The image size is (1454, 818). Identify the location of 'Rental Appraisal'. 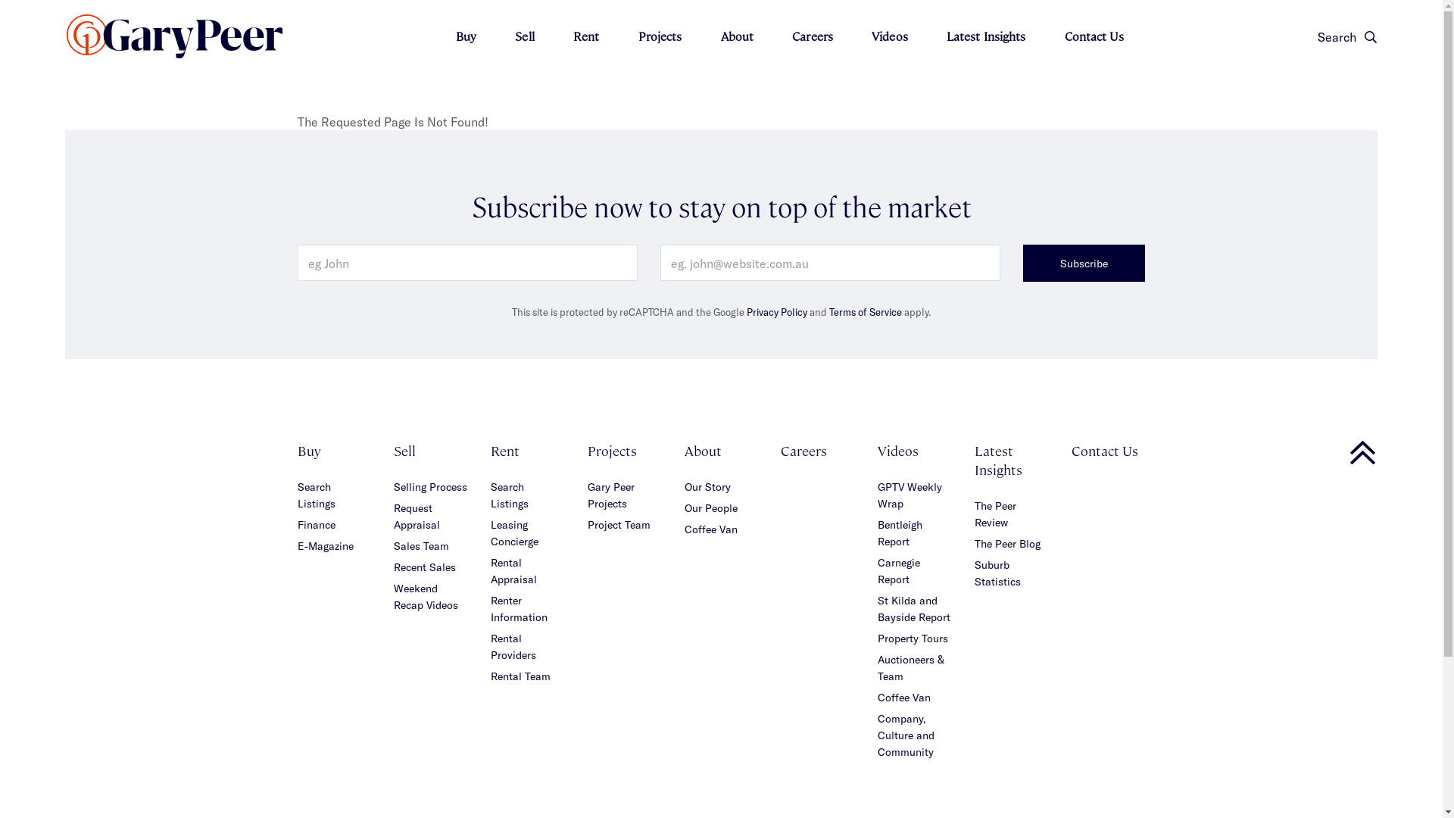
(513, 570).